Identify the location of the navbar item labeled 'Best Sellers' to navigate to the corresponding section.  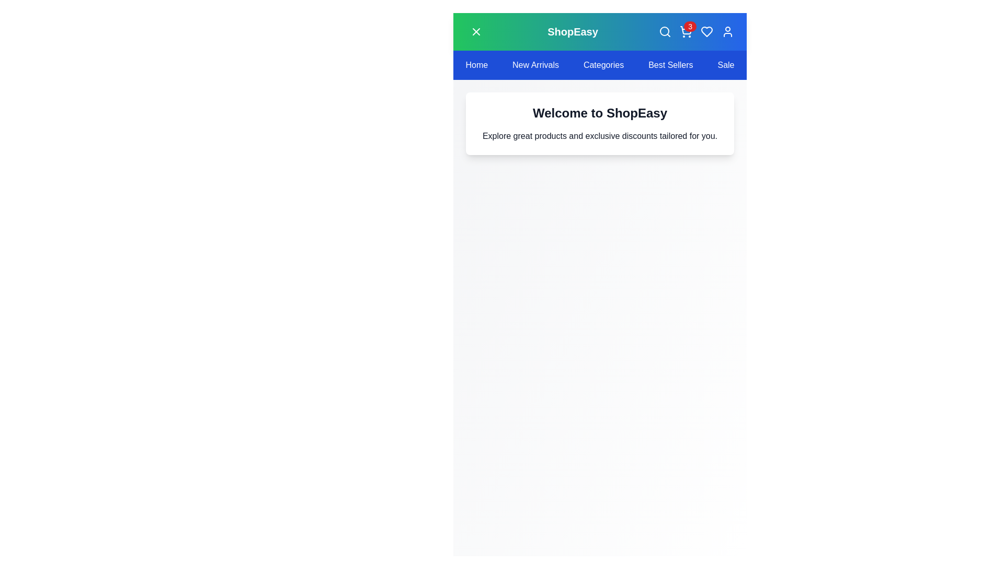
(670, 65).